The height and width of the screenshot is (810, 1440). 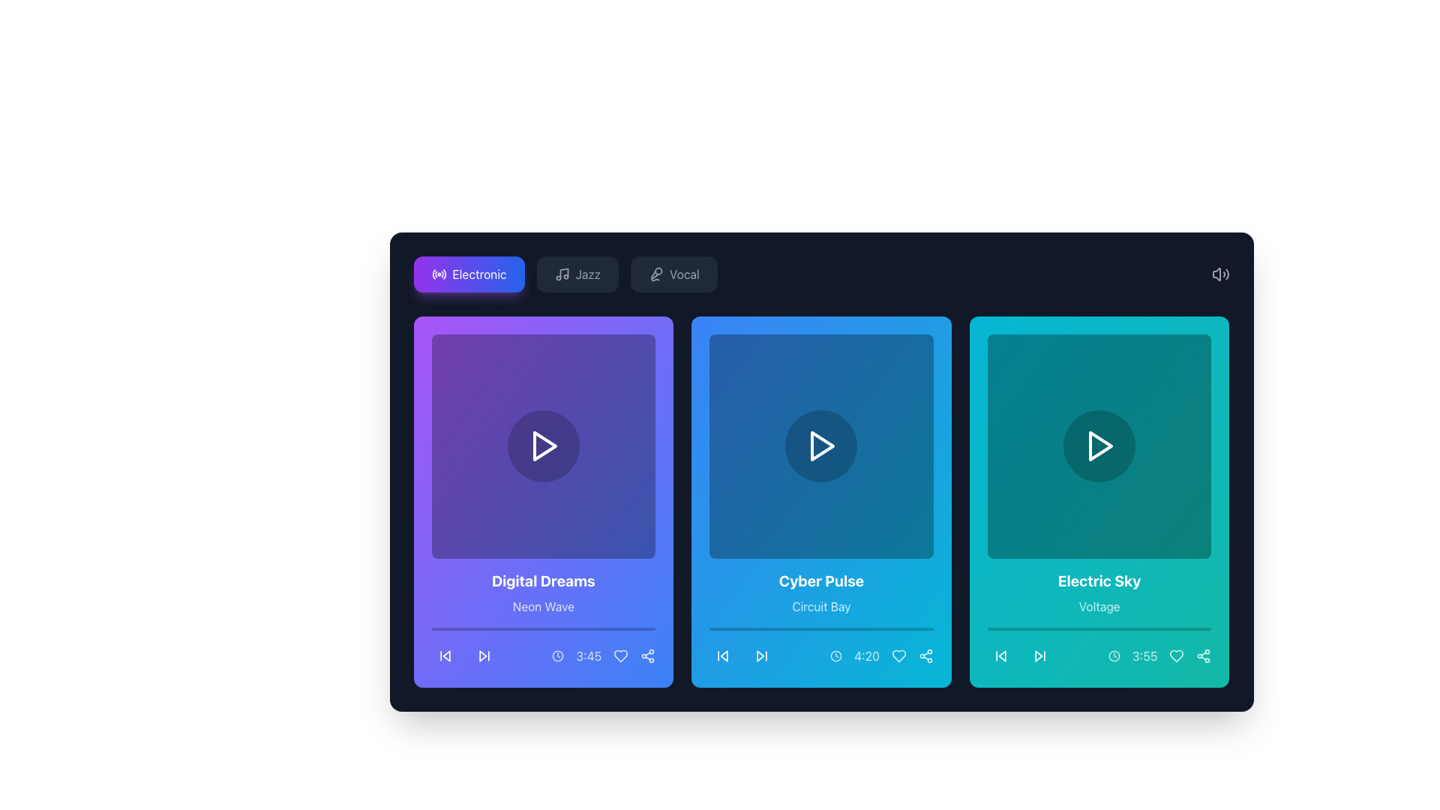 I want to click on the time display text label reading '4:20' which is styled in white and semi-transparent, located at the bottom-center of the 'Cyber Pulse' card, so click(x=882, y=655).